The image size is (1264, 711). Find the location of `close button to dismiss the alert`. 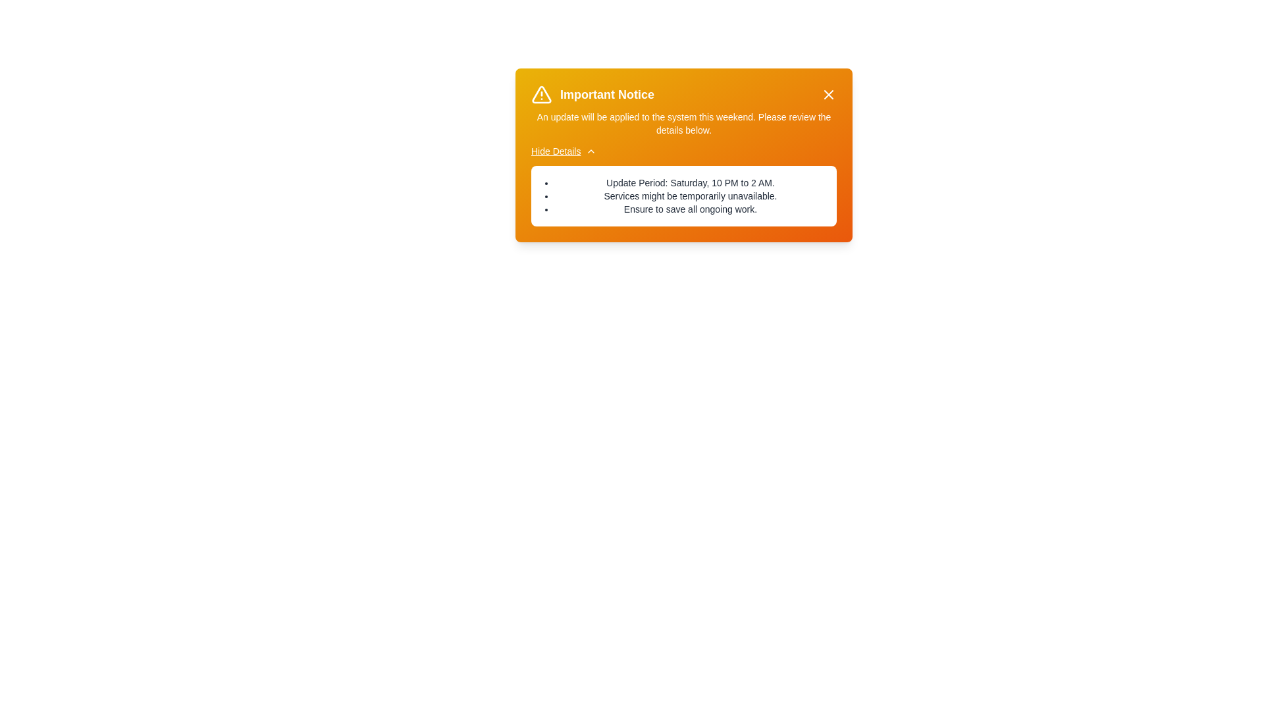

close button to dismiss the alert is located at coordinates (828, 93).